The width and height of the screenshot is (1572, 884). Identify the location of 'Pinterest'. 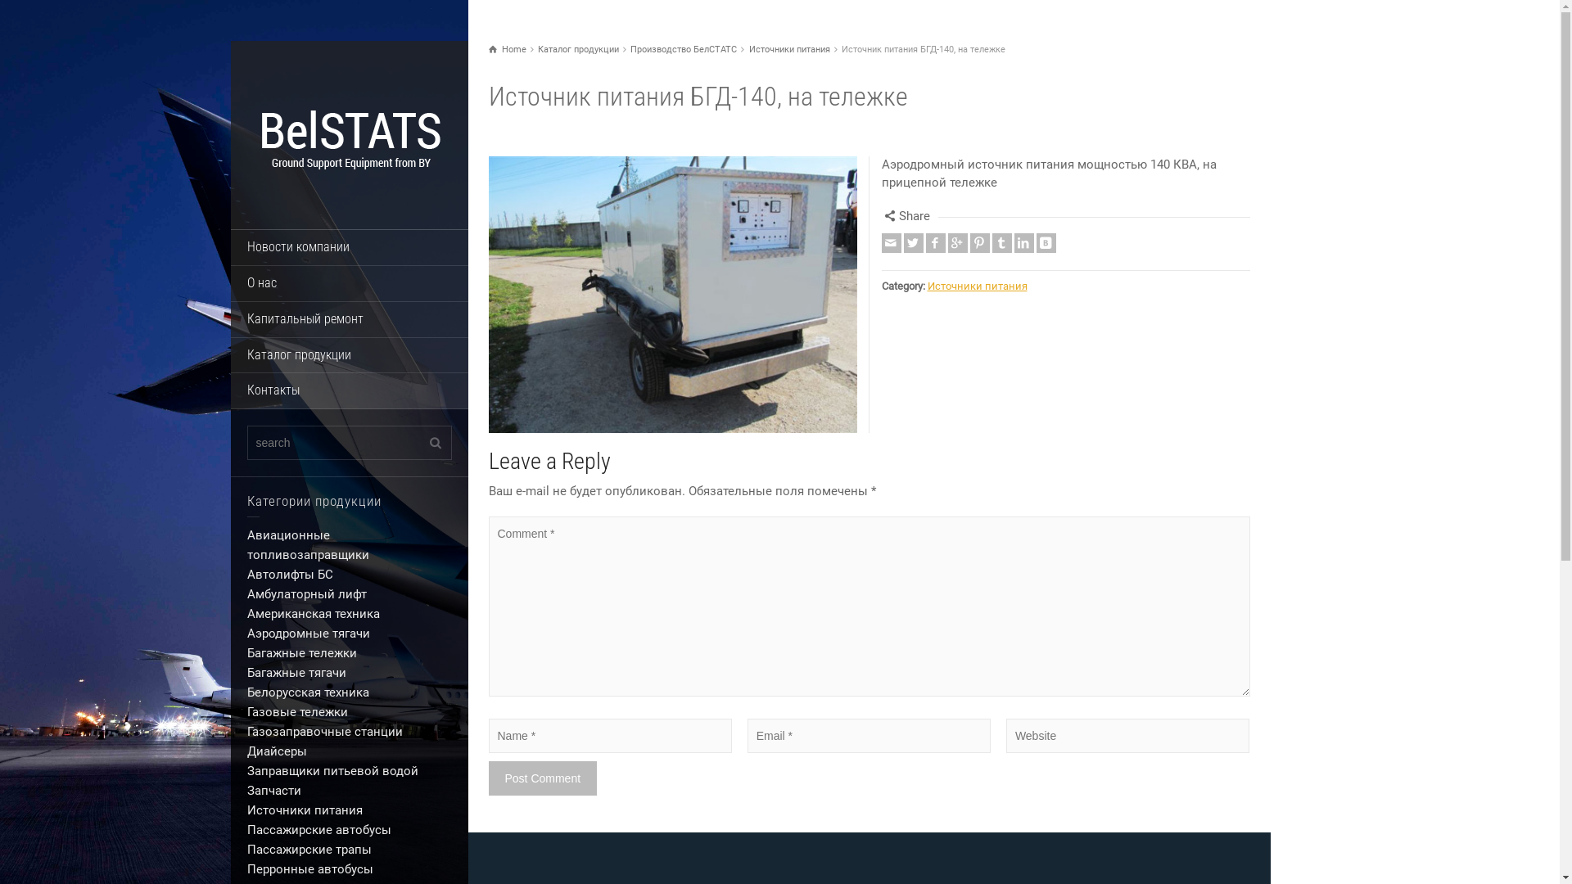
(978, 243).